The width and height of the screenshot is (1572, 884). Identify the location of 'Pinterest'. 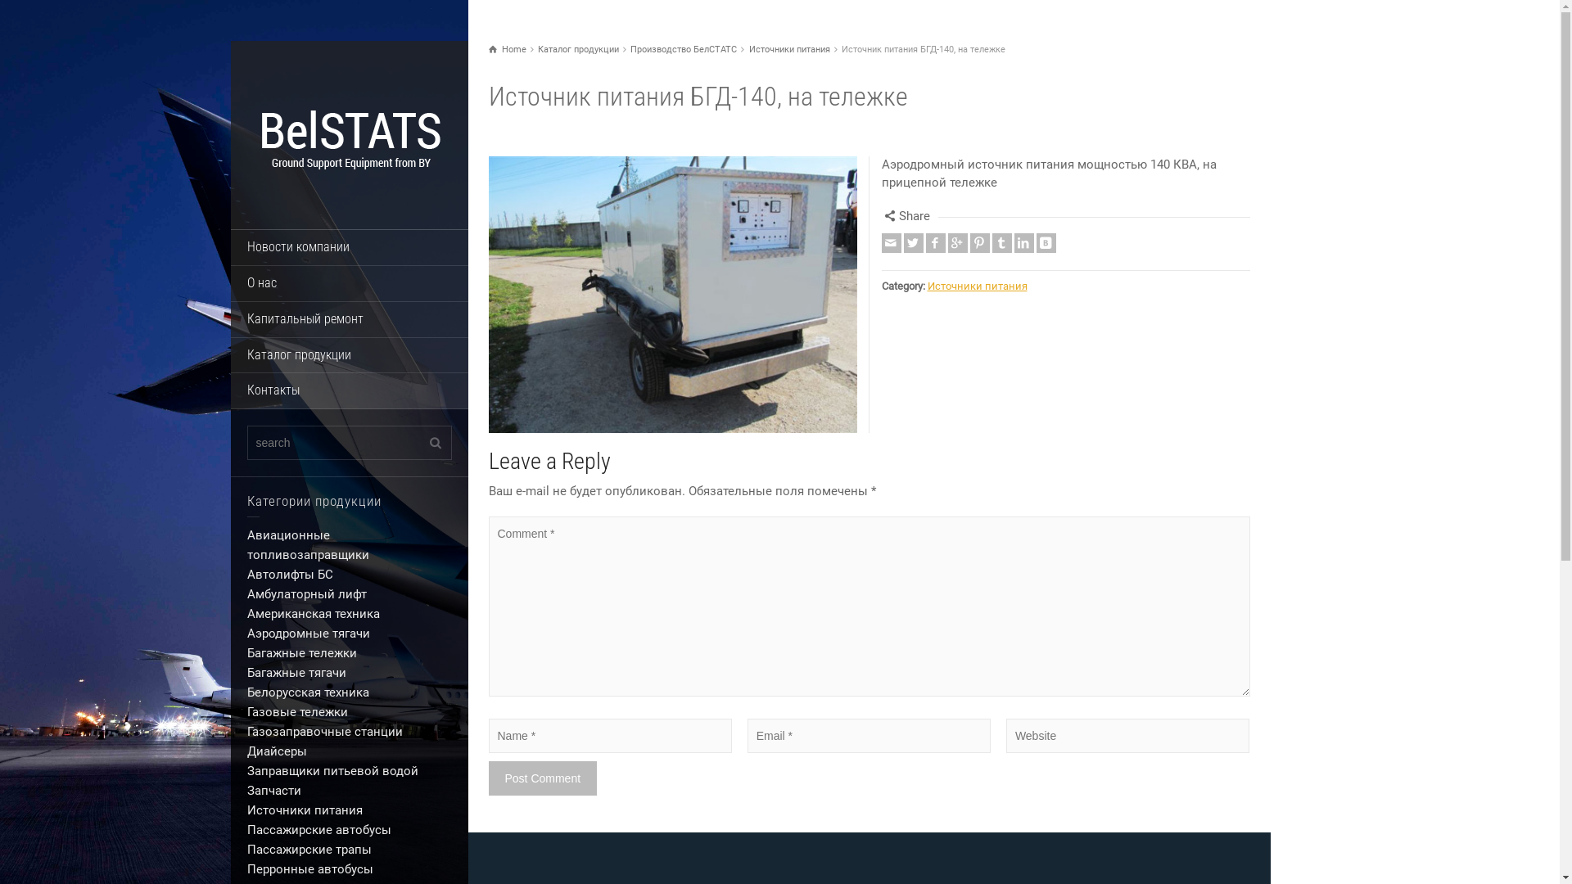
(978, 243).